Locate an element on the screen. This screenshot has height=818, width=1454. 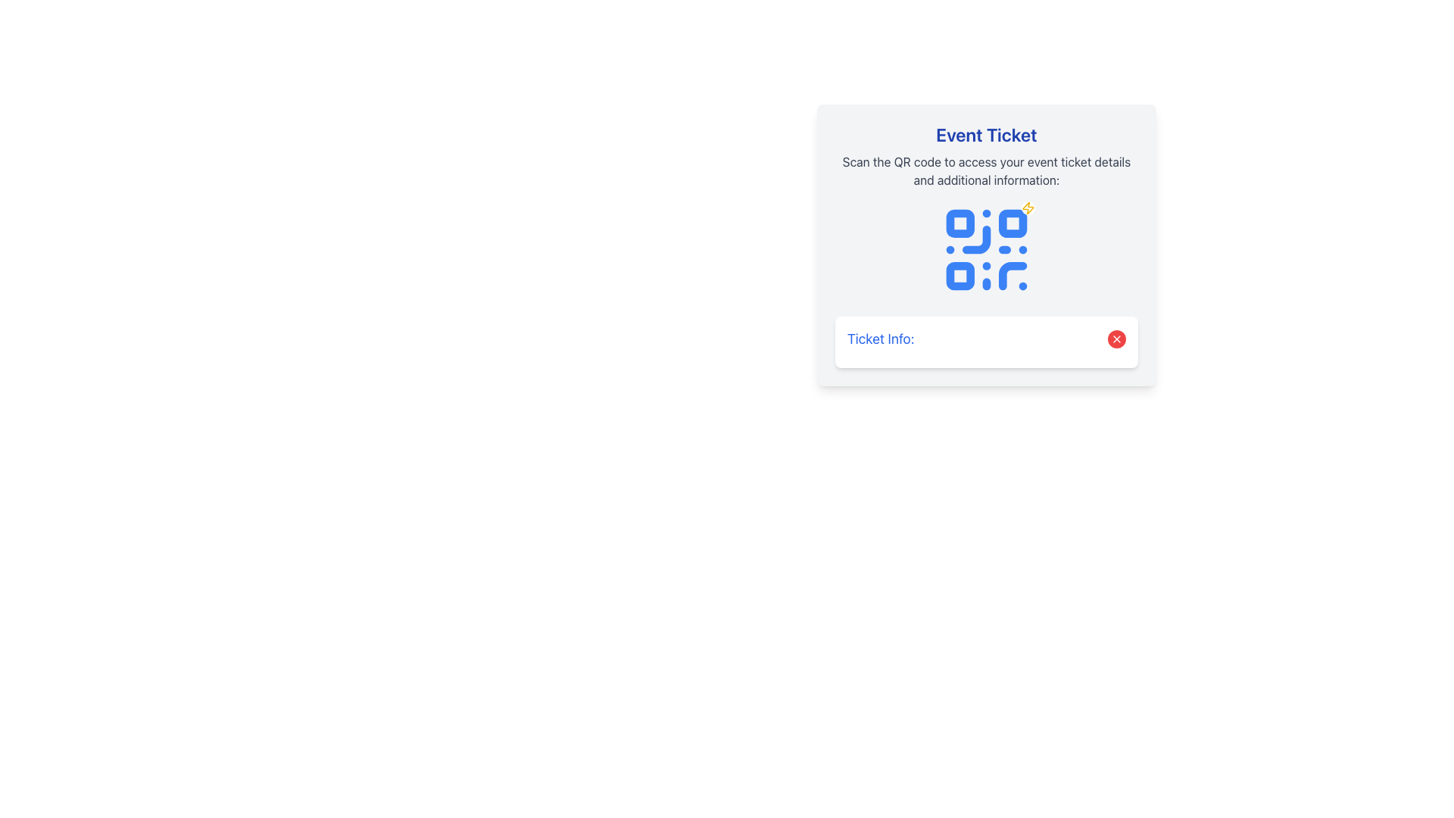
the 'X' icon located within the red circular button to the right of the 'Ticket Info:' text field in the main UI card is located at coordinates (1116, 338).